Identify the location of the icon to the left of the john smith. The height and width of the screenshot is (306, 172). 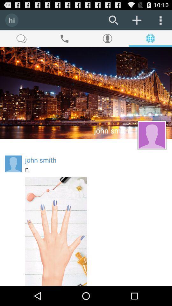
(13, 163).